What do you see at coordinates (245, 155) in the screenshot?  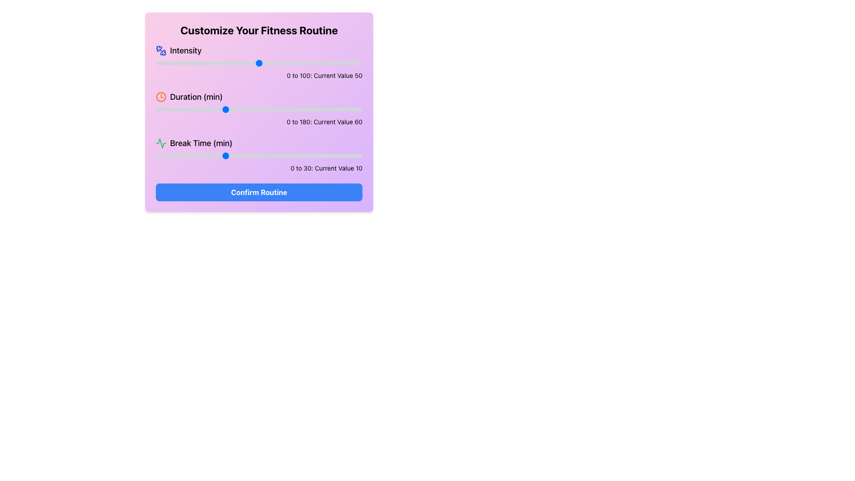 I see `the break time` at bounding box center [245, 155].